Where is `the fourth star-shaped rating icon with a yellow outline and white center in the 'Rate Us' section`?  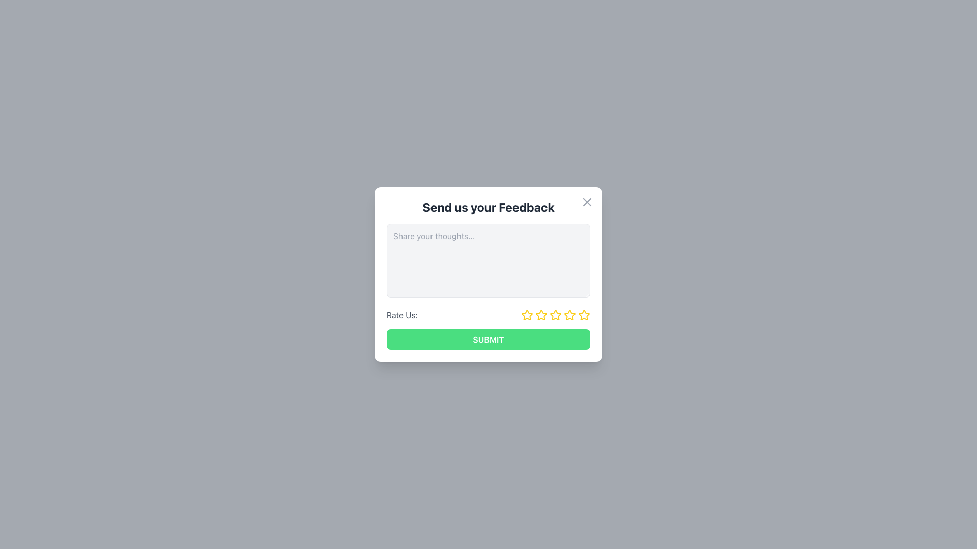 the fourth star-shaped rating icon with a yellow outline and white center in the 'Rate Us' section is located at coordinates (554, 314).